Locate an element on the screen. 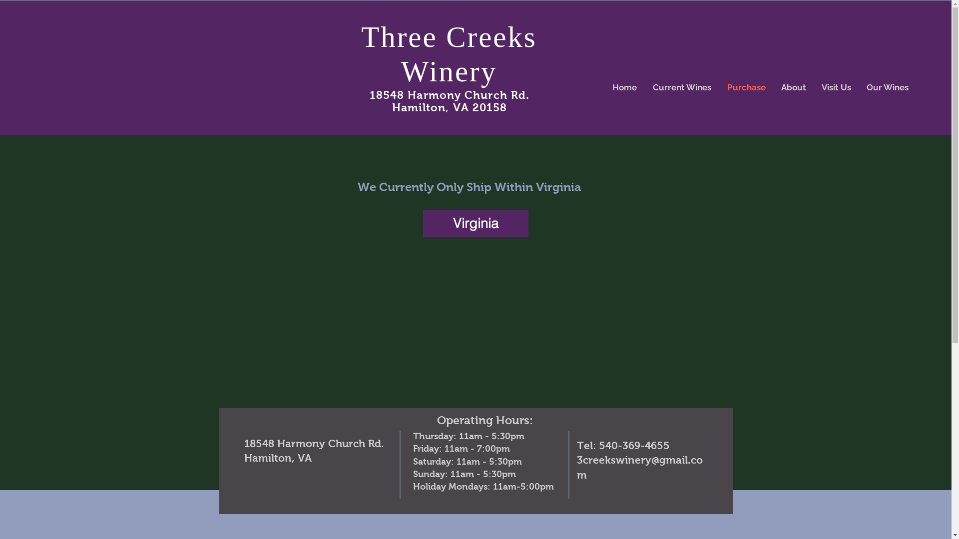 This screenshot has width=959, height=539. 'Purchase' is located at coordinates (746, 86).